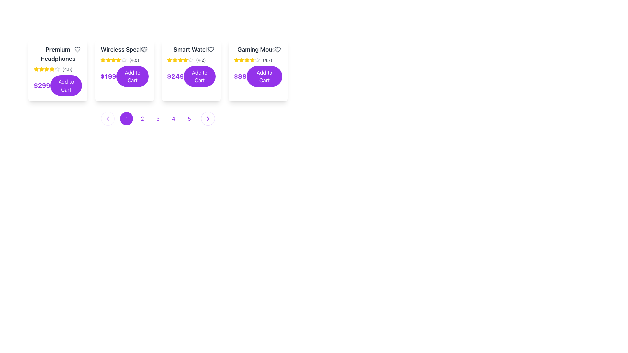 Image resolution: width=628 pixels, height=353 pixels. I want to click on the circular button with a thin purple border and a right-pointing arrow icon, so click(207, 118).